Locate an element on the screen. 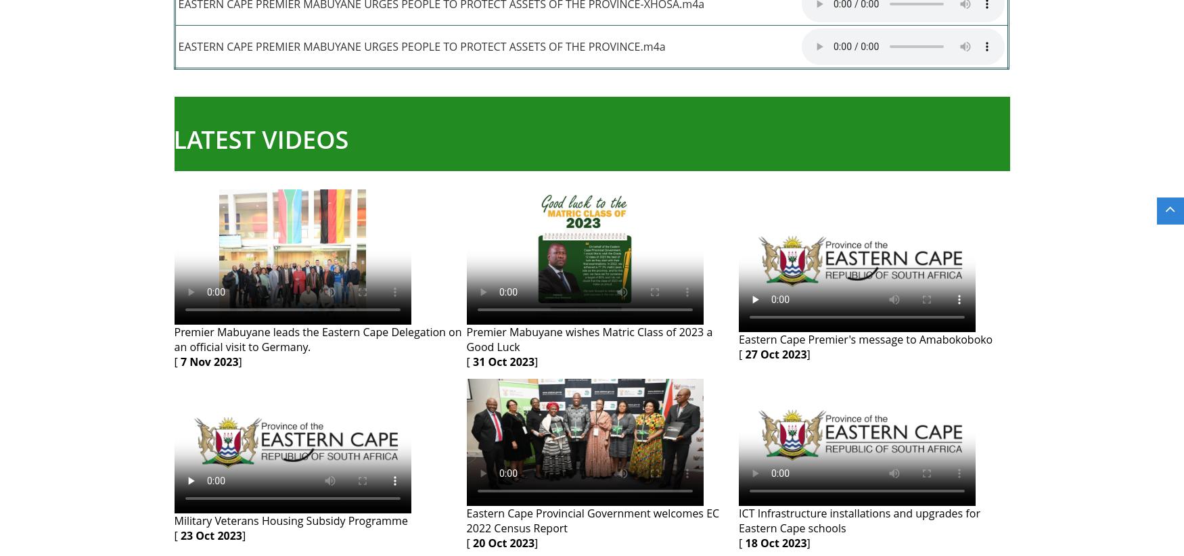 This screenshot has height=556, width=1184. 'EASTERN CAPE PREMIER MABUYANE URGES PEOPLE TO PROTECT ASSETS OF THE PROVINCE.m4a' is located at coordinates (422, 46).